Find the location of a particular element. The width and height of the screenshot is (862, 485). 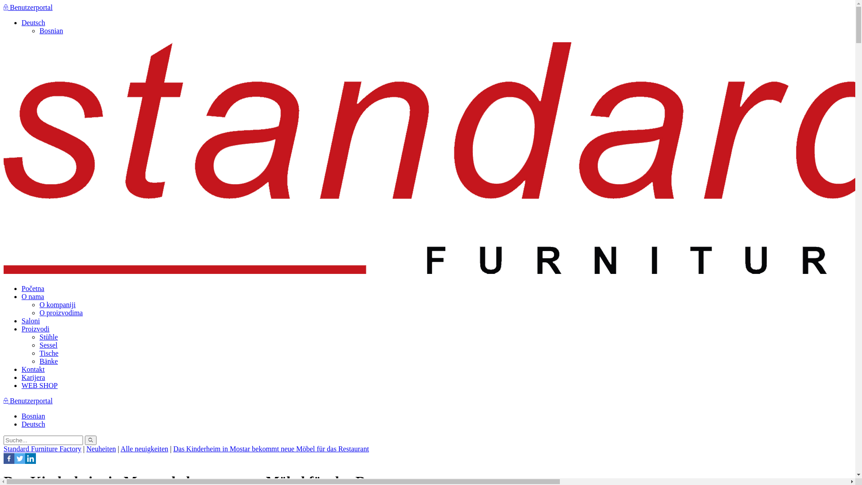

'Twitter' is located at coordinates (19, 459).